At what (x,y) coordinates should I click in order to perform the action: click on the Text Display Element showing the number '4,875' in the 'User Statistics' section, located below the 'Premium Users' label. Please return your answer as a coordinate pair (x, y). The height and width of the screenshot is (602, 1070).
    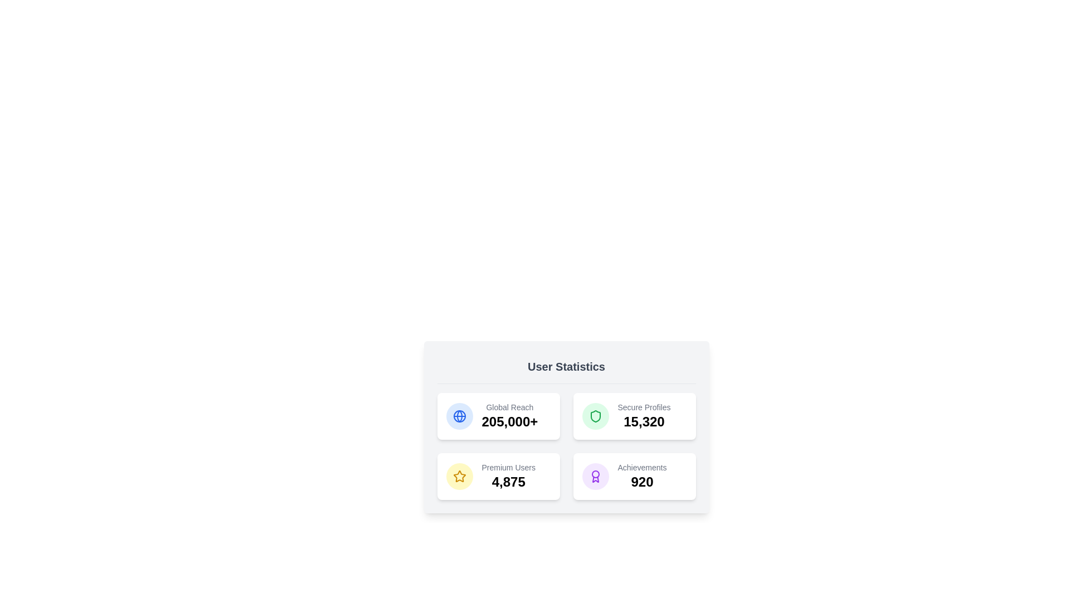
    Looking at the image, I should click on (508, 481).